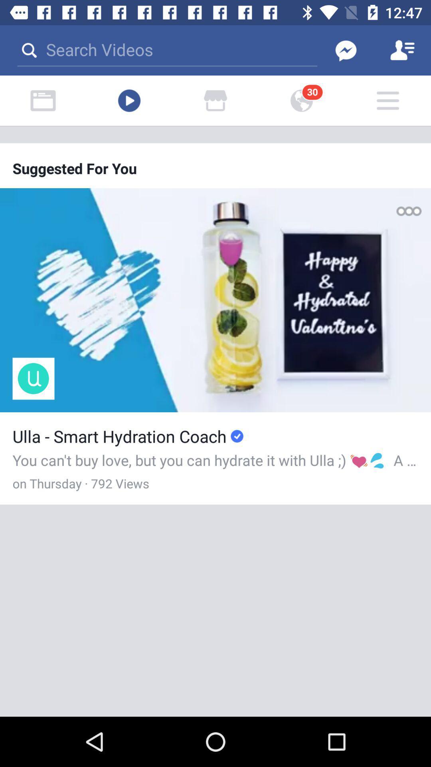  Describe the element at coordinates (43, 100) in the screenshot. I see `the delete icon` at that location.